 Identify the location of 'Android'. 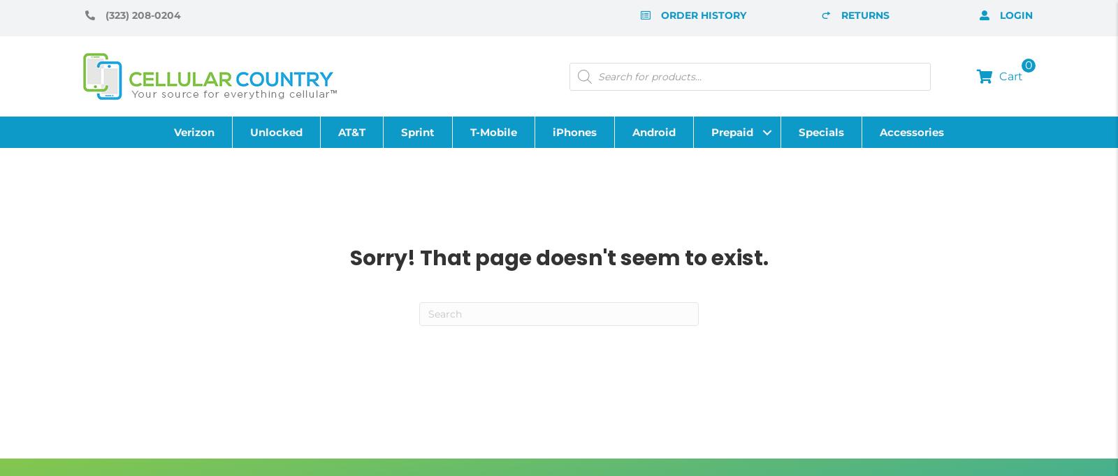
(631, 132).